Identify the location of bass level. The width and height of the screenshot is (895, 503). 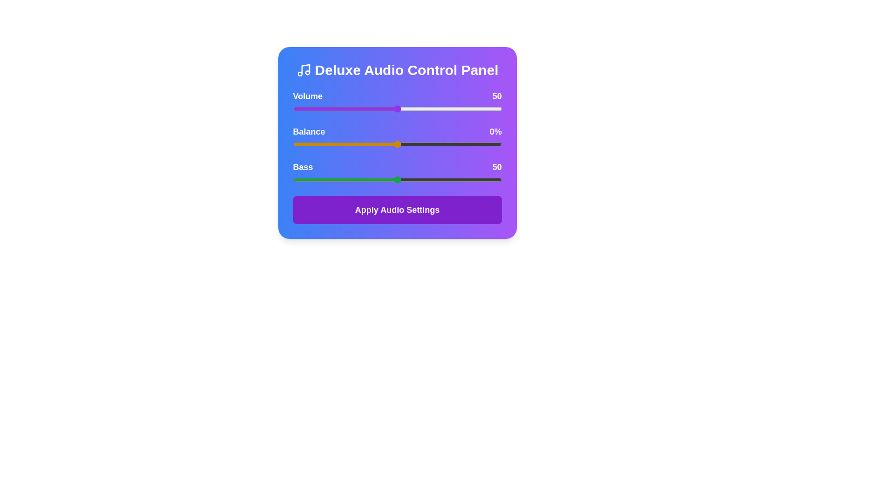
(445, 179).